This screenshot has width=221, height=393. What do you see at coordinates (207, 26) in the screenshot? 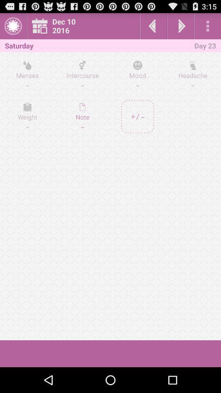
I see `menu` at bounding box center [207, 26].